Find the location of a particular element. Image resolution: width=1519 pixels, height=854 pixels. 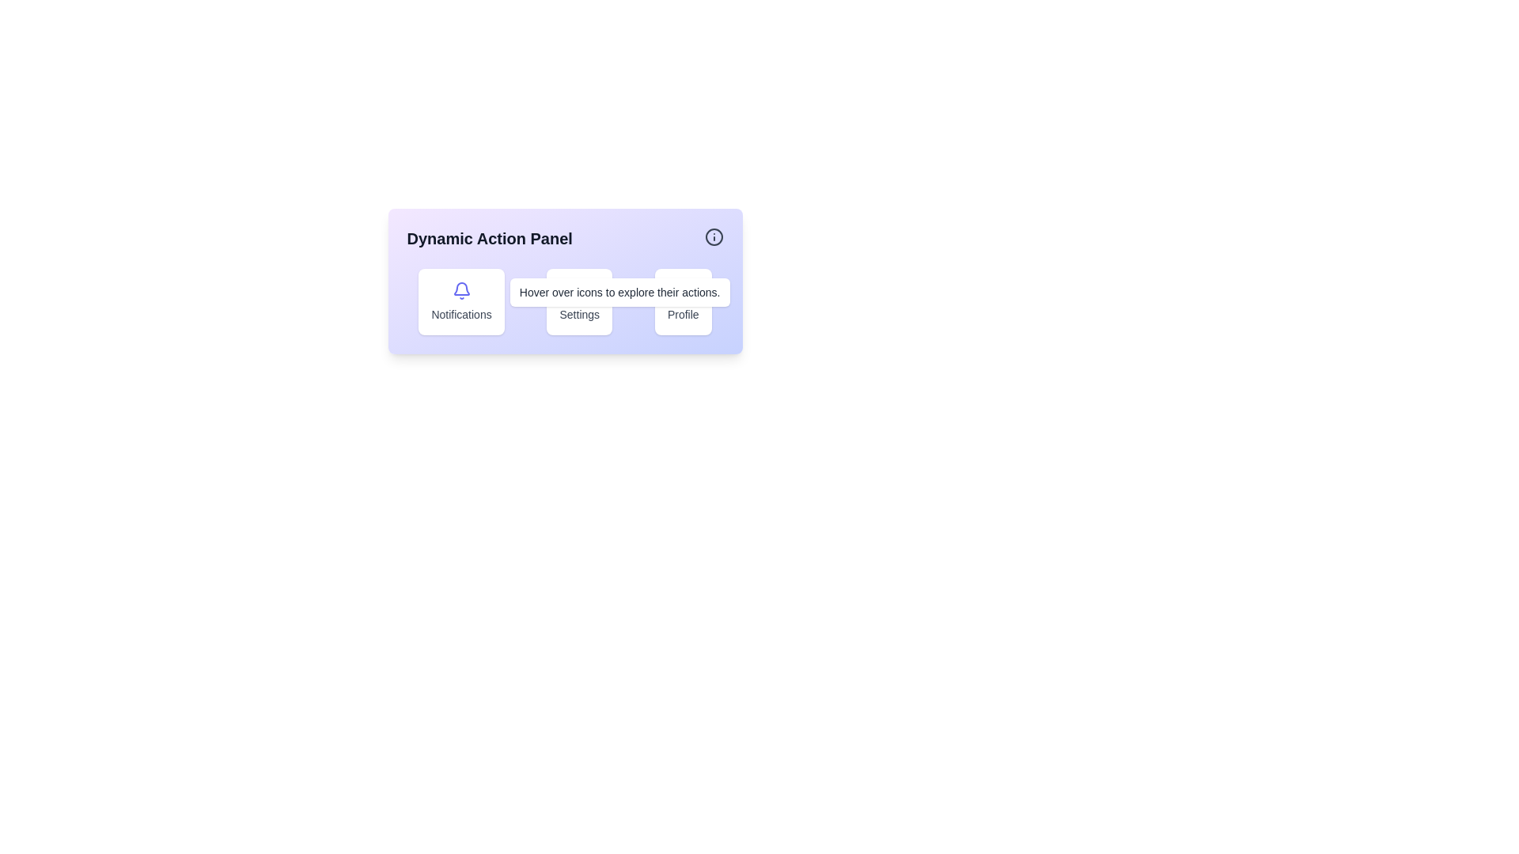

the indigo profile picture icon located at the top of the white card labeled 'Profile' is located at coordinates (683, 290).